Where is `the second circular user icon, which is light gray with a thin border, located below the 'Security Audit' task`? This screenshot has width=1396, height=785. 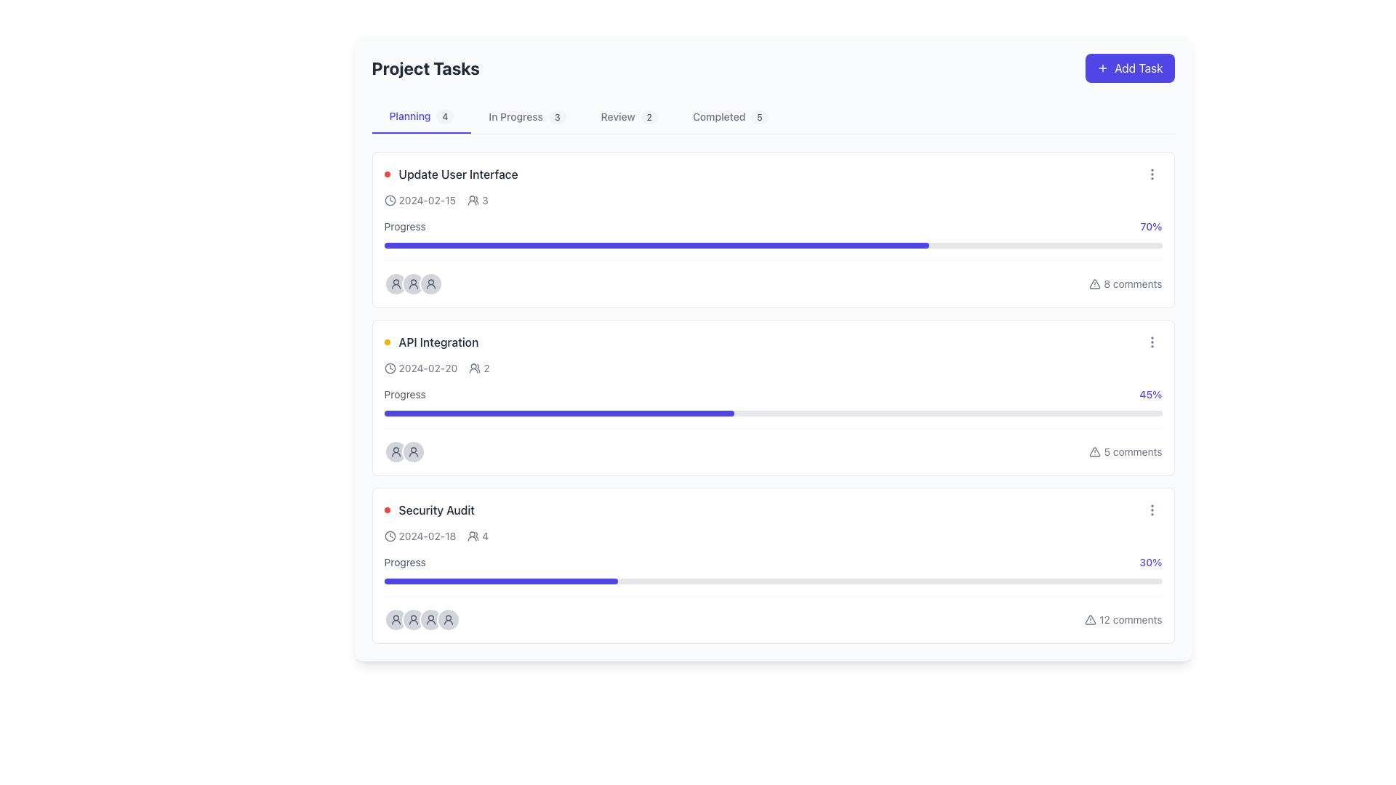 the second circular user icon, which is light gray with a thin border, located below the 'Security Audit' task is located at coordinates (430, 619).